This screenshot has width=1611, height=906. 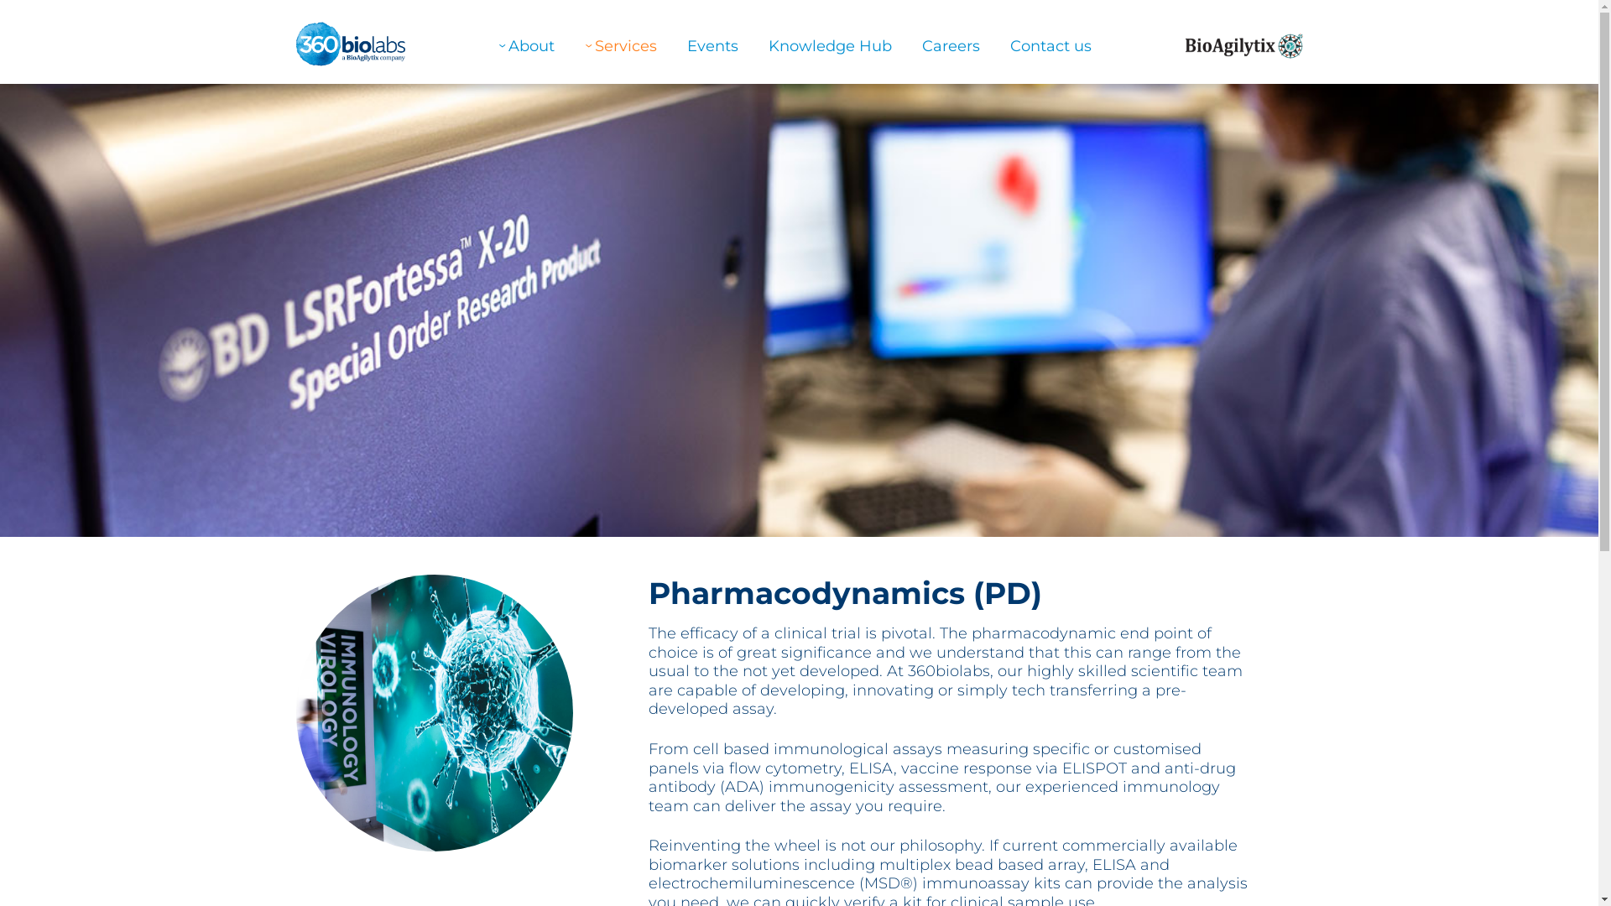 I want to click on 'Contact us', so click(x=1050, y=44).